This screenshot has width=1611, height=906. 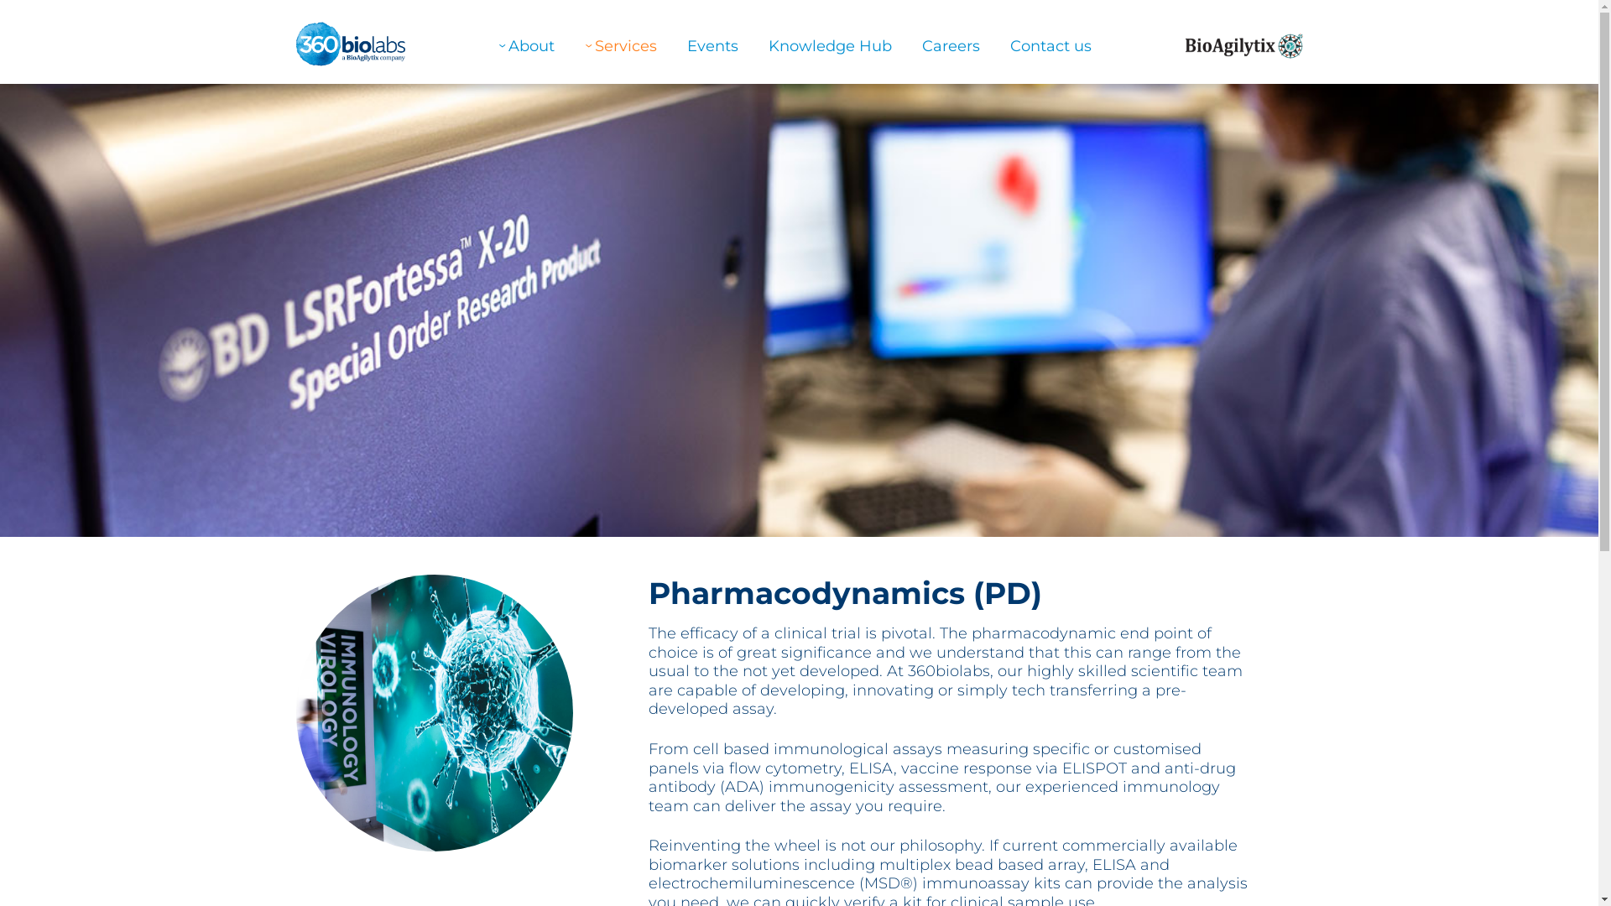 I want to click on 'Contact us', so click(x=1050, y=44).